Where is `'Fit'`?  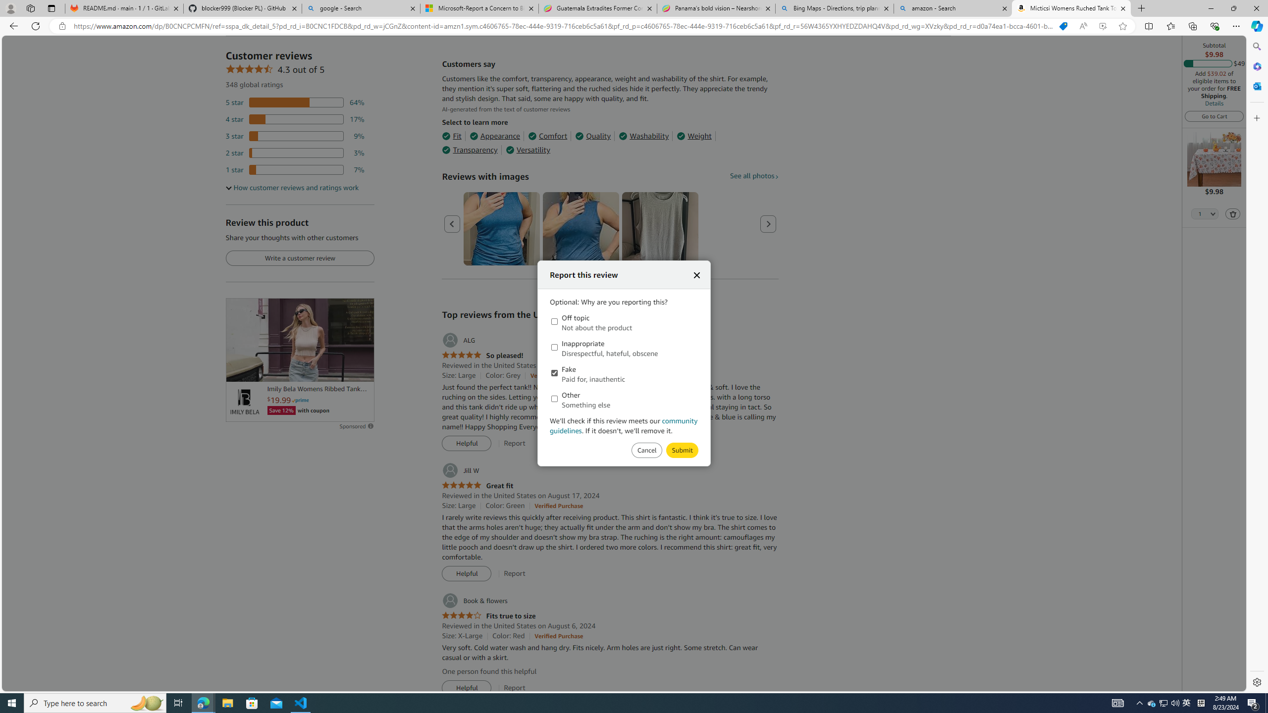 'Fit' is located at coordinates (451, 136).